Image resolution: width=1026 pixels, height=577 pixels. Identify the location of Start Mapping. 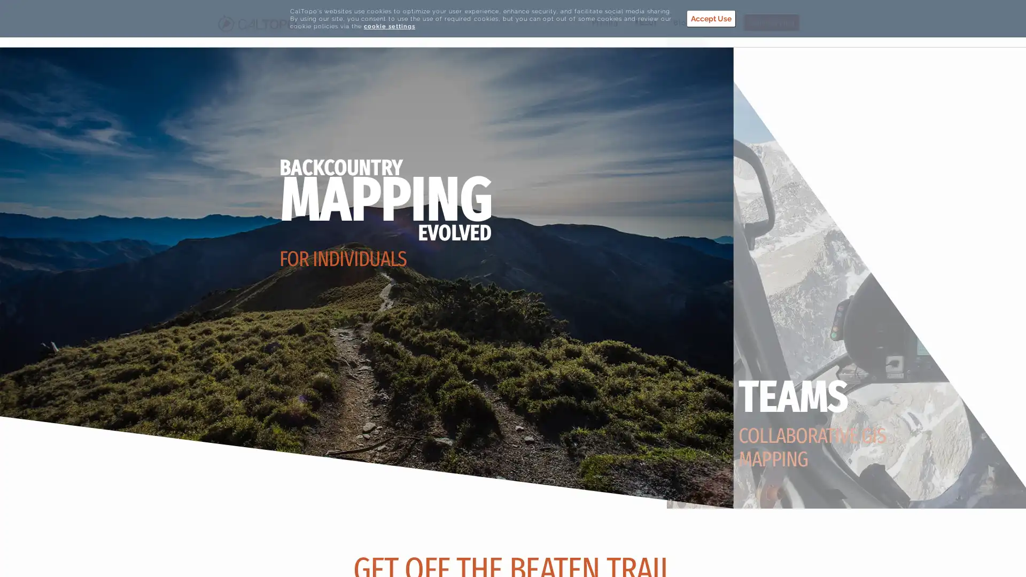
(772, 22).